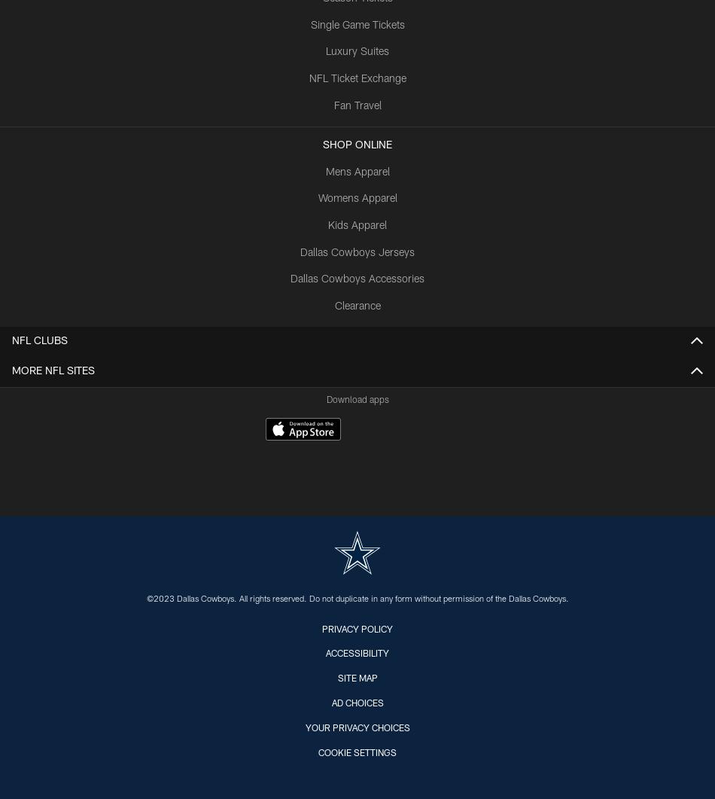 The image size is (715, 799). Describe the element at coordinates (53, 372) in the screenshot. I see `'More NFL Sites'` at that location.